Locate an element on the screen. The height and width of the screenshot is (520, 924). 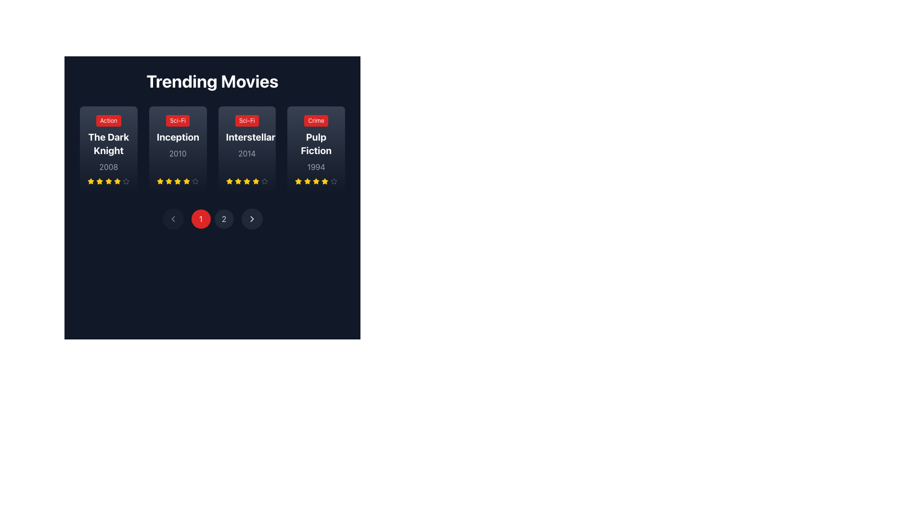
the text label displaying the year '2014' in a grayscale font, located within the card for the movie 'Interstellar' under the 'Sci-Fi' label is located at coordinates (247, 153).